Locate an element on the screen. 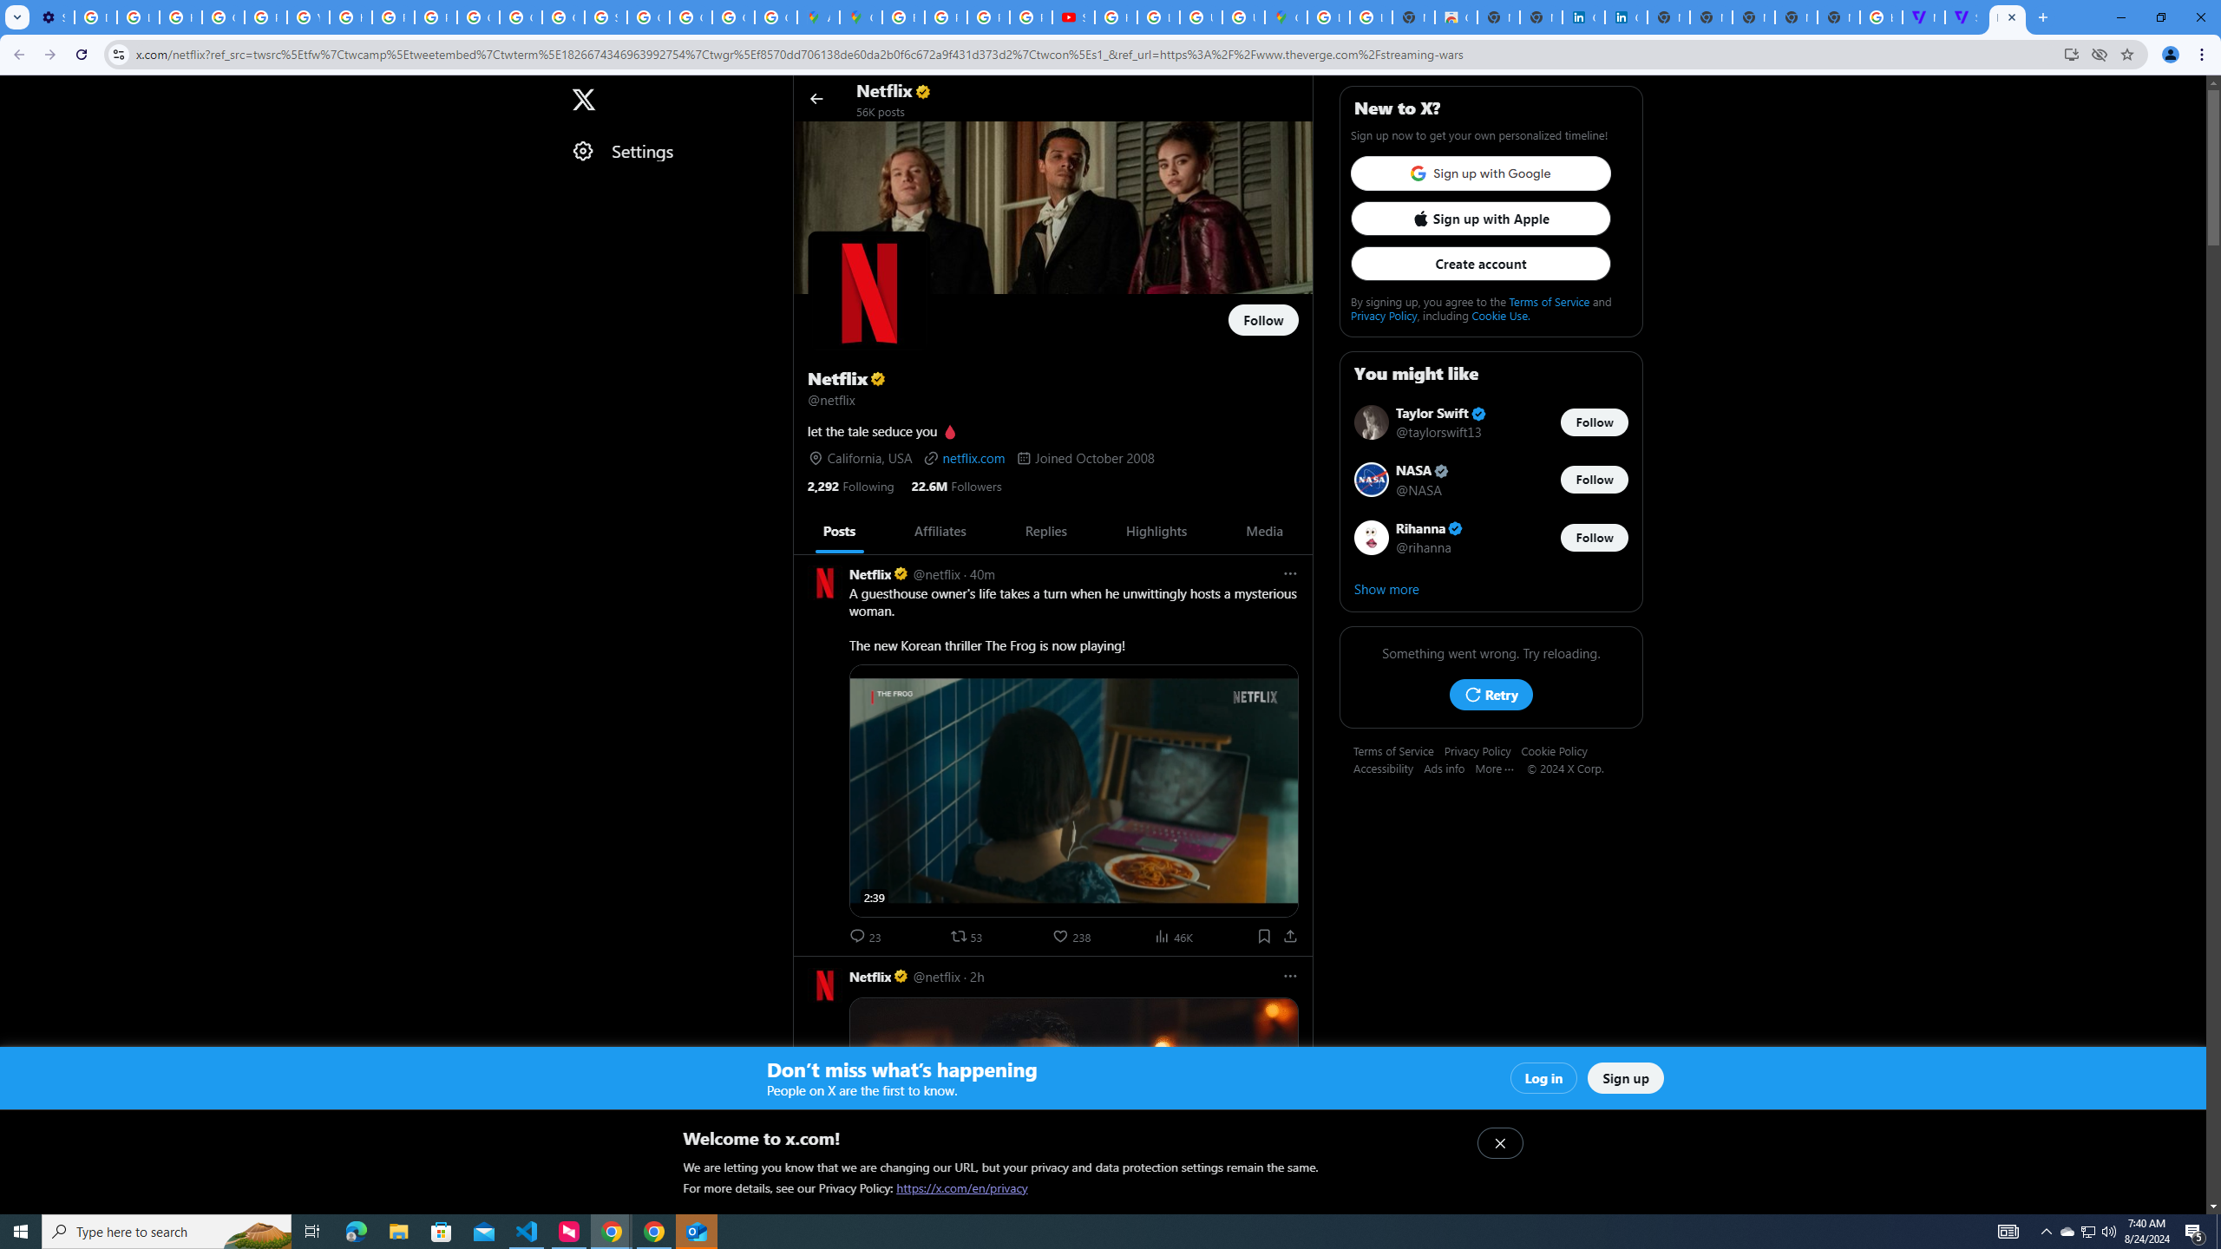  '@rihanna' is located at coordinates (1425, 546).